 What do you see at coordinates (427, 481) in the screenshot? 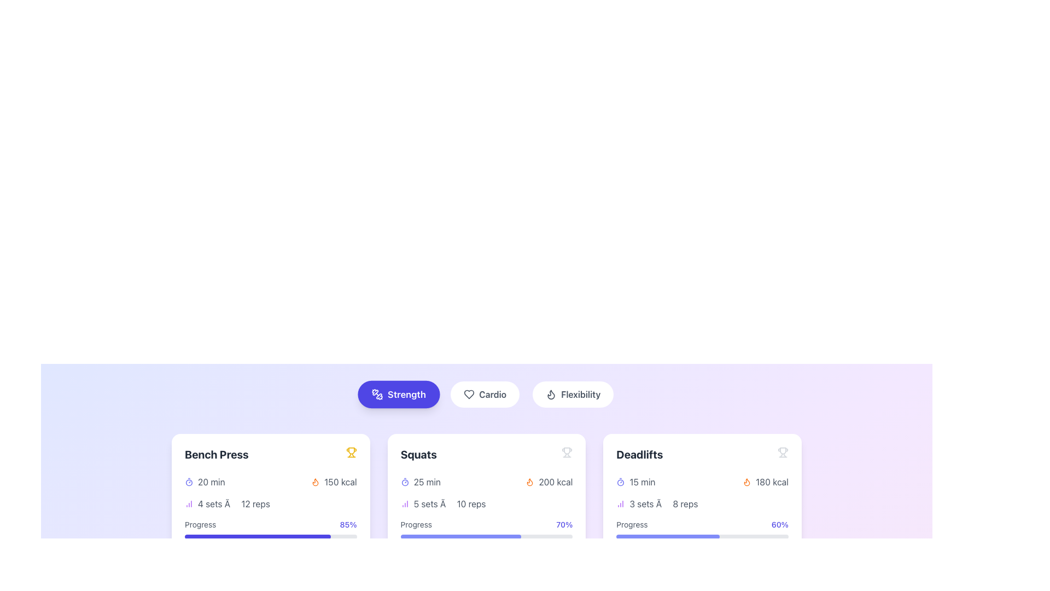
I see `text content of the label indicating the duration of the 'Squats' exercise session, which is located in the middle column of the layout, specifically to the right of the timer icon` at bounding box center [427, 481].